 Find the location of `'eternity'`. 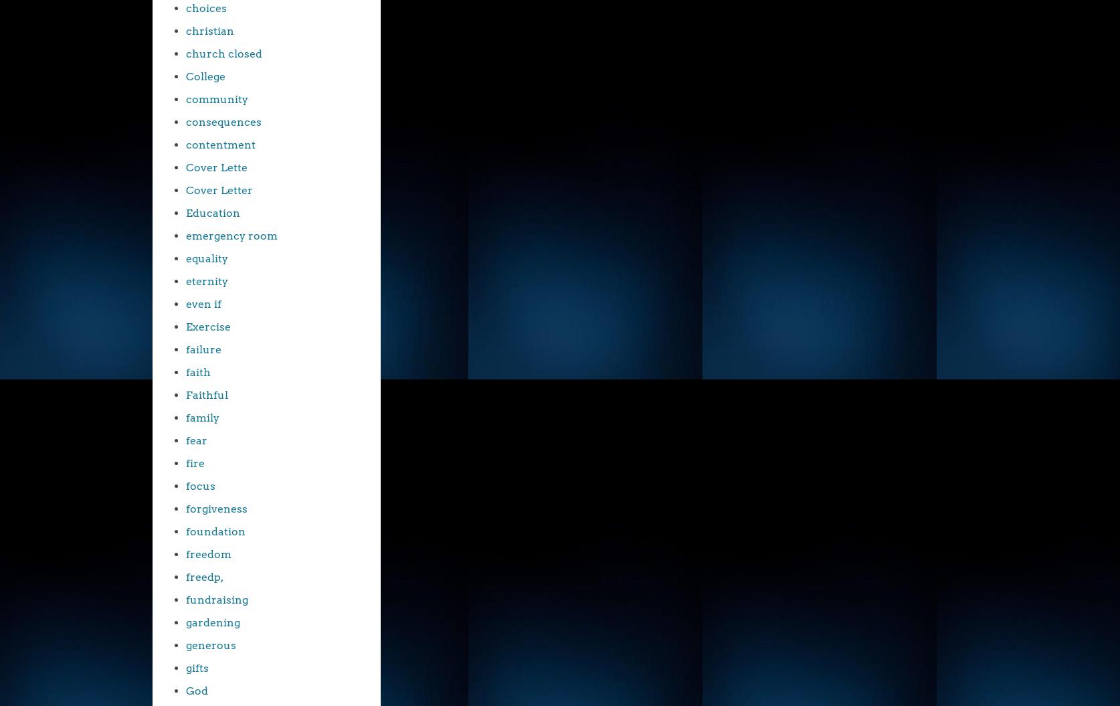

'eternity' is located at coordinates (207, 280).